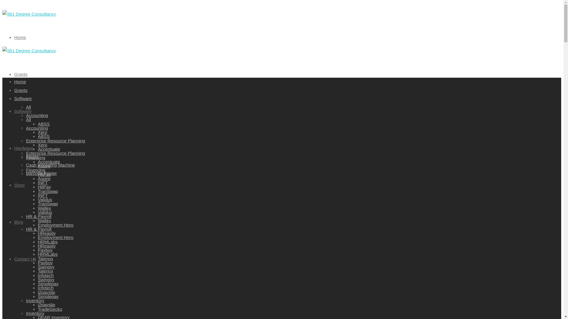 The width and height of the screenshot is (568, 319). I want to click on 'Payboy', so click(45, 250).